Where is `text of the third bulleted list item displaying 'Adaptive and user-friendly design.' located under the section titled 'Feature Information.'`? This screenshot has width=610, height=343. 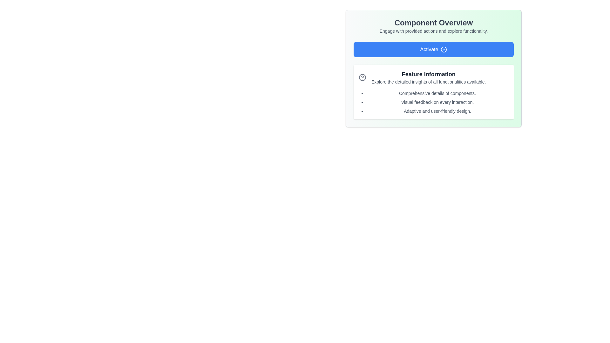 text of the third bulleted list item displaying 'Adaptive and user-friendly design.' located under the section titled 'Feature Information.' is located at coordinates (437, 111).